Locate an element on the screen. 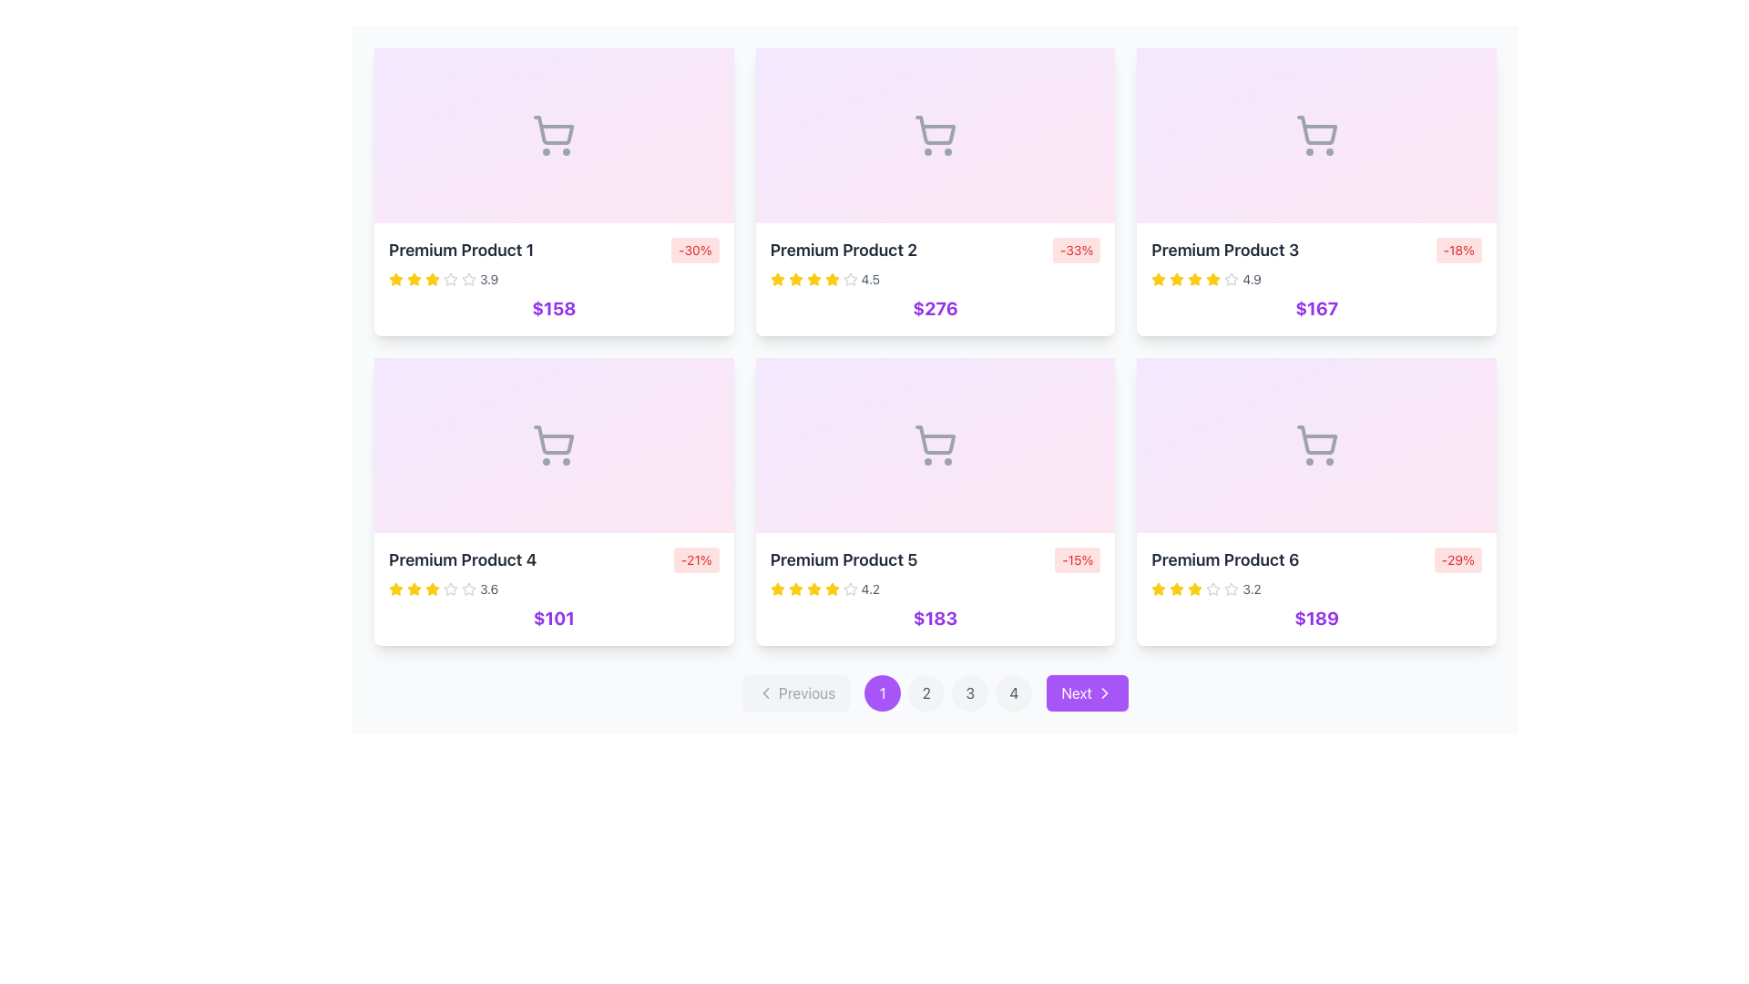 The image size is (1749, 984). the main body of the shopping cart icon, which is part of the SVG structure for 'Premium Product 3' located in the top-central area of the card is located at coordinates (1316, 129).